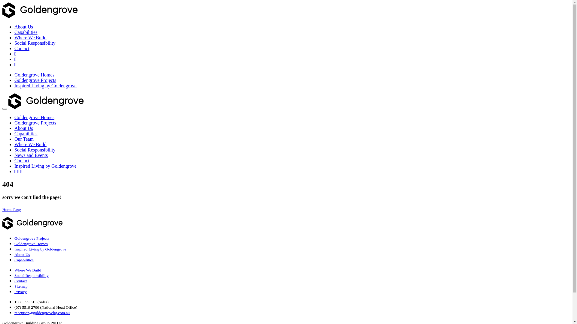 The width and height of the screenshot is (577, 324). What do you see at coordinates (26, 32) in the screenshot?
I see `'Capabilities'` at bounding box center [26, 32].